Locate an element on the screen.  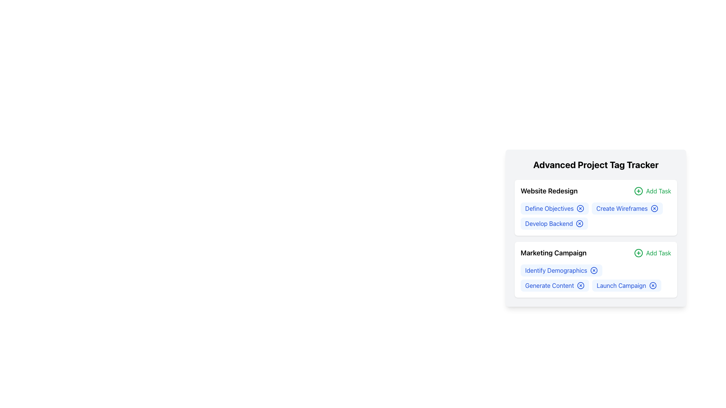
the button with icon and text on the right side of the 'Marketing Campaign' section is located at coordinates (652, 253).